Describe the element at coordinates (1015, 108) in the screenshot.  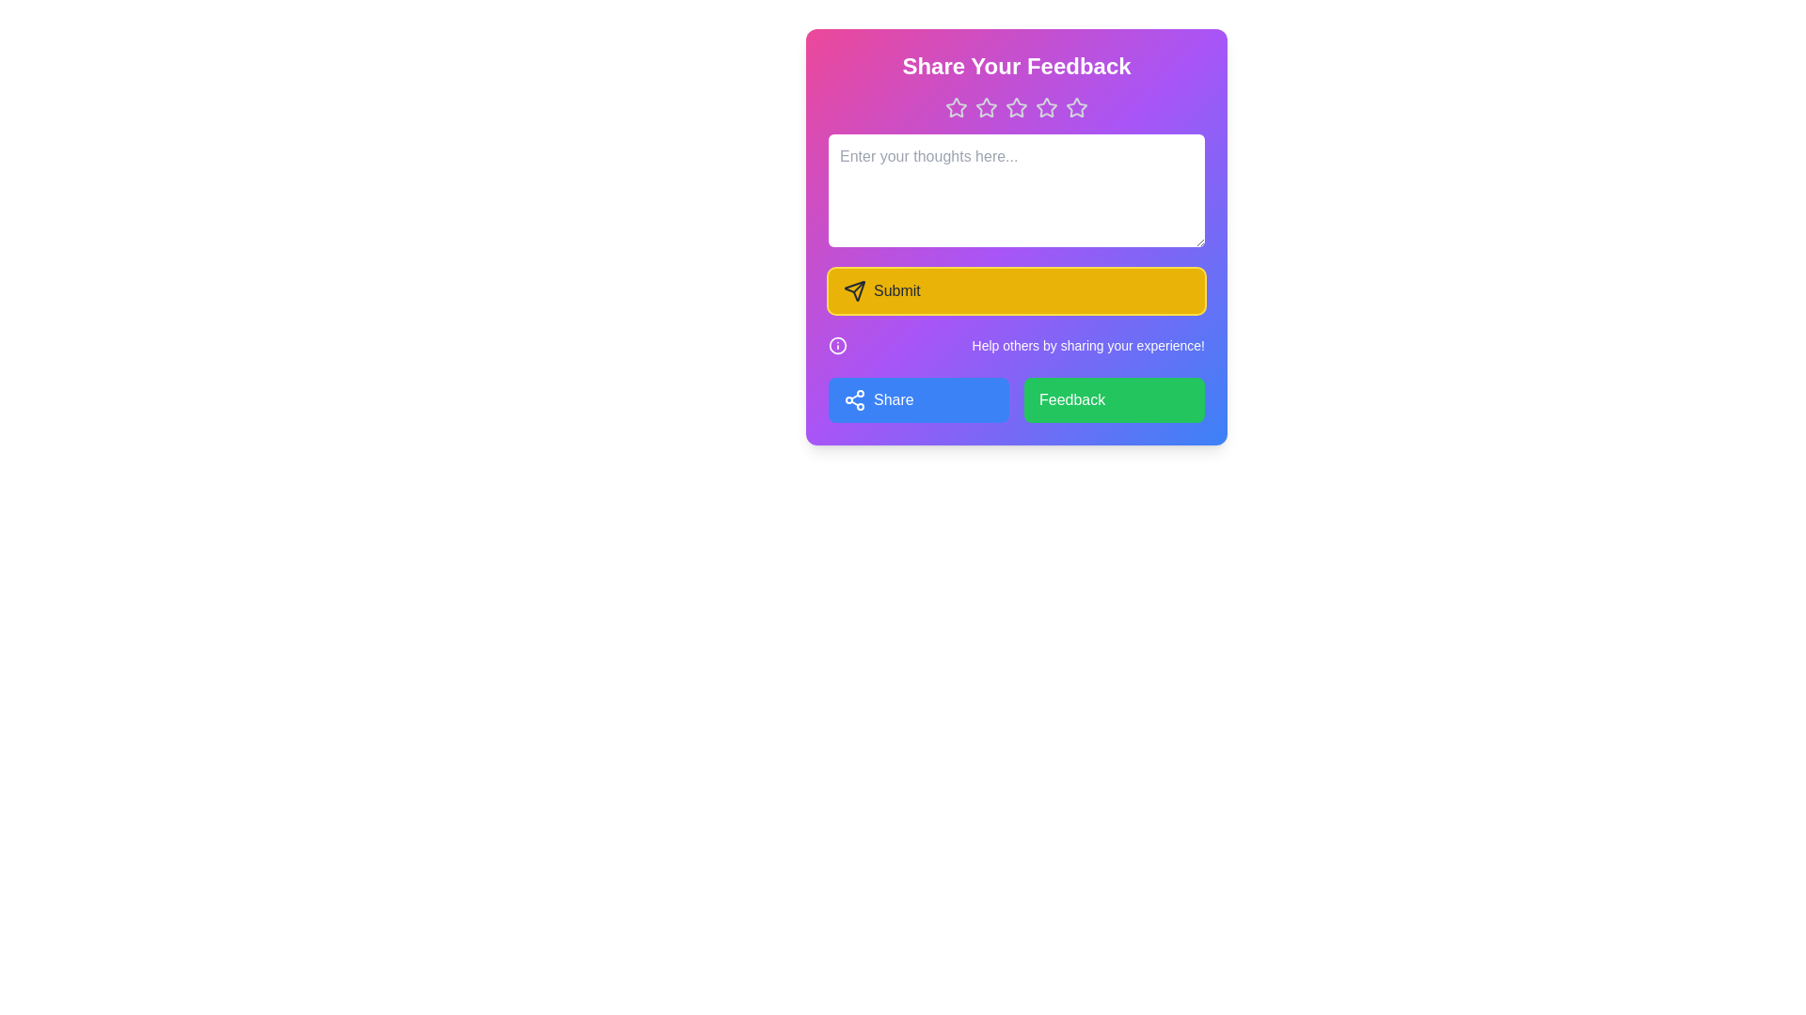
I see `on the third star of the interactive rating stars, which is highlighted` at that location.